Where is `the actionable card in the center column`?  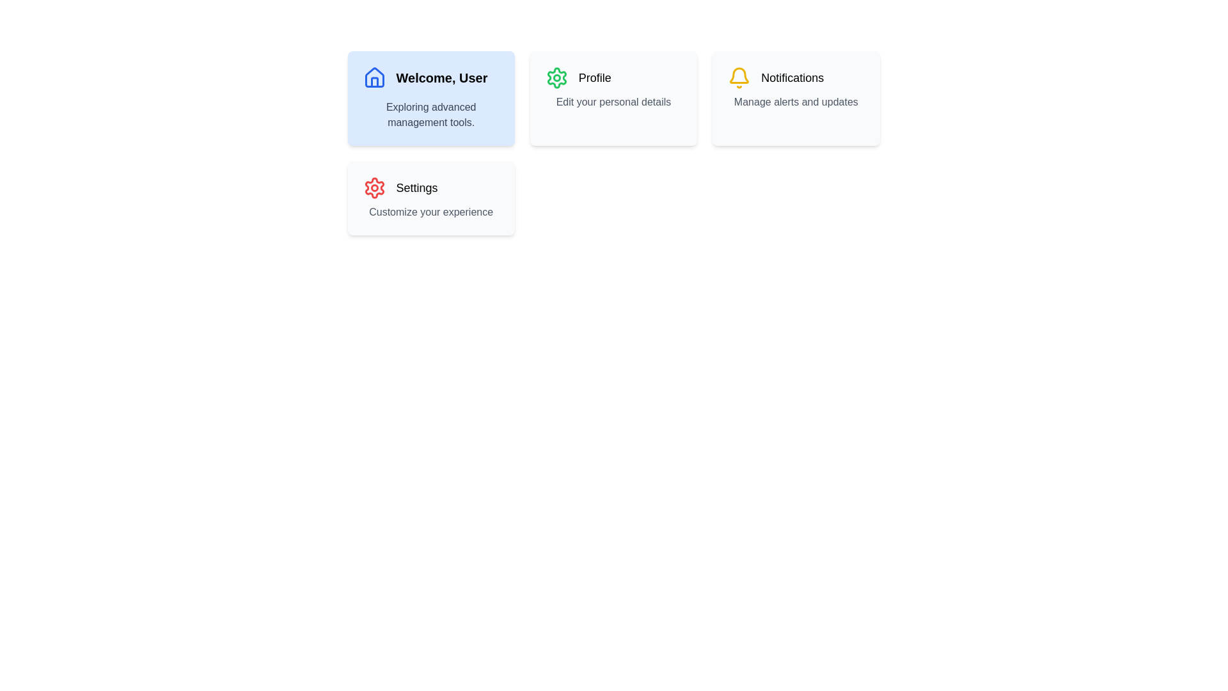 the actionable card in the center column is located at coordinates (613, 143).